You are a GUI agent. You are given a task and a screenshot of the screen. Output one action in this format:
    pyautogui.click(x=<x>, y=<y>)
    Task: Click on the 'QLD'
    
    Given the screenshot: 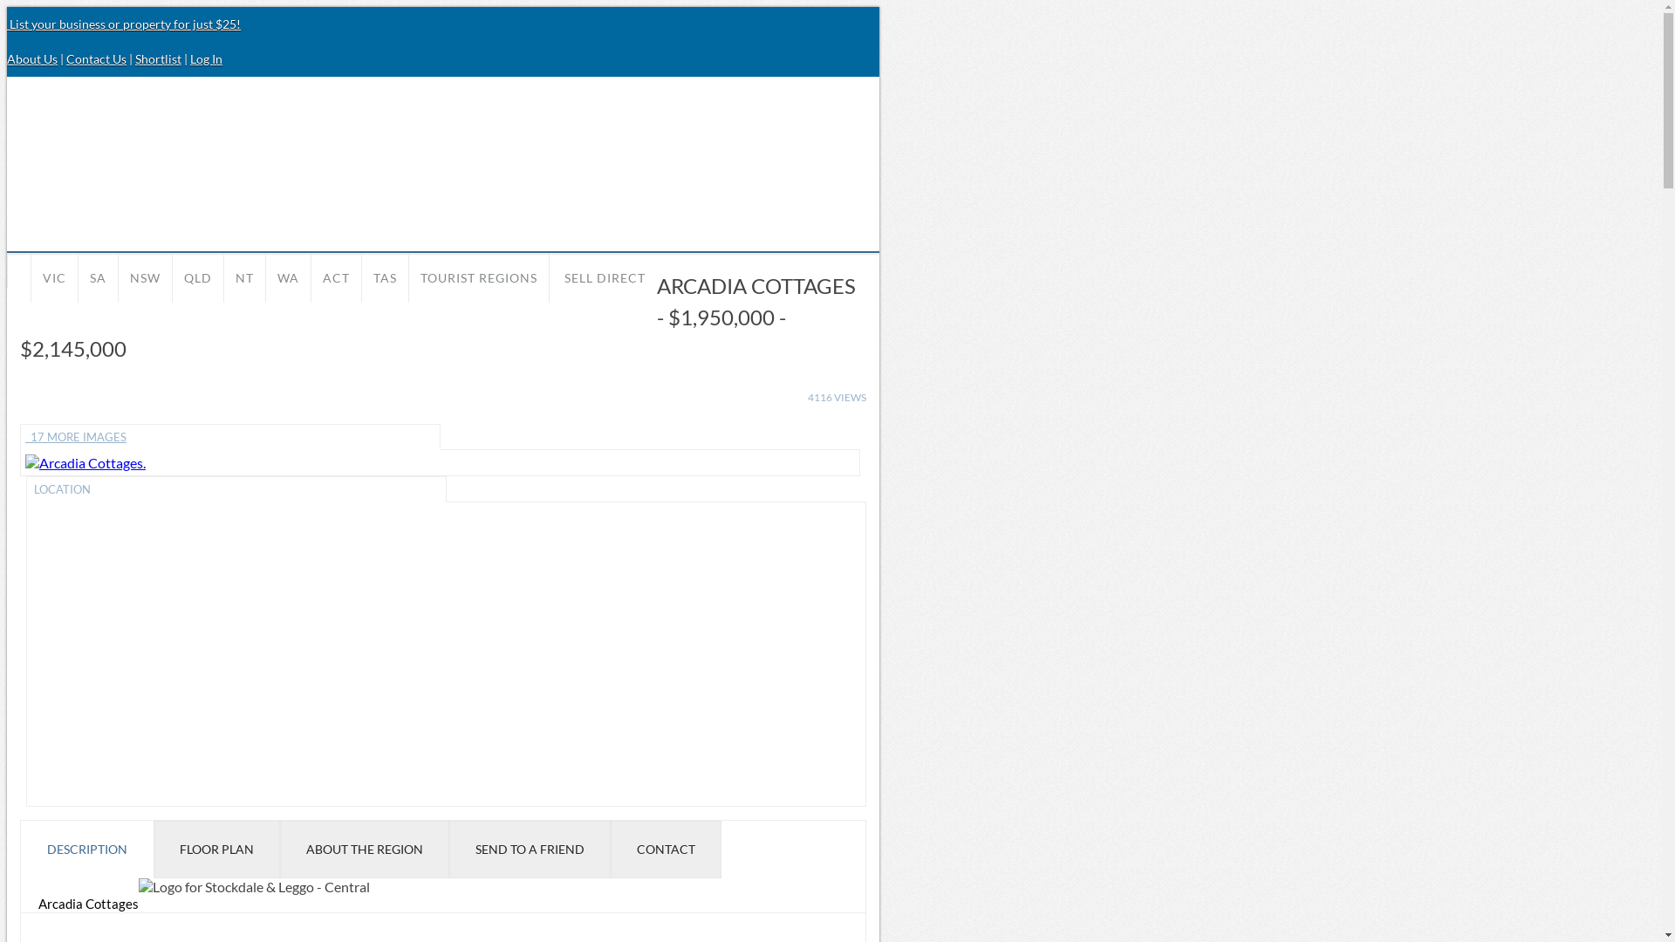 What is the action you would take?
    pyautogui.click(x=197, y=276)
    